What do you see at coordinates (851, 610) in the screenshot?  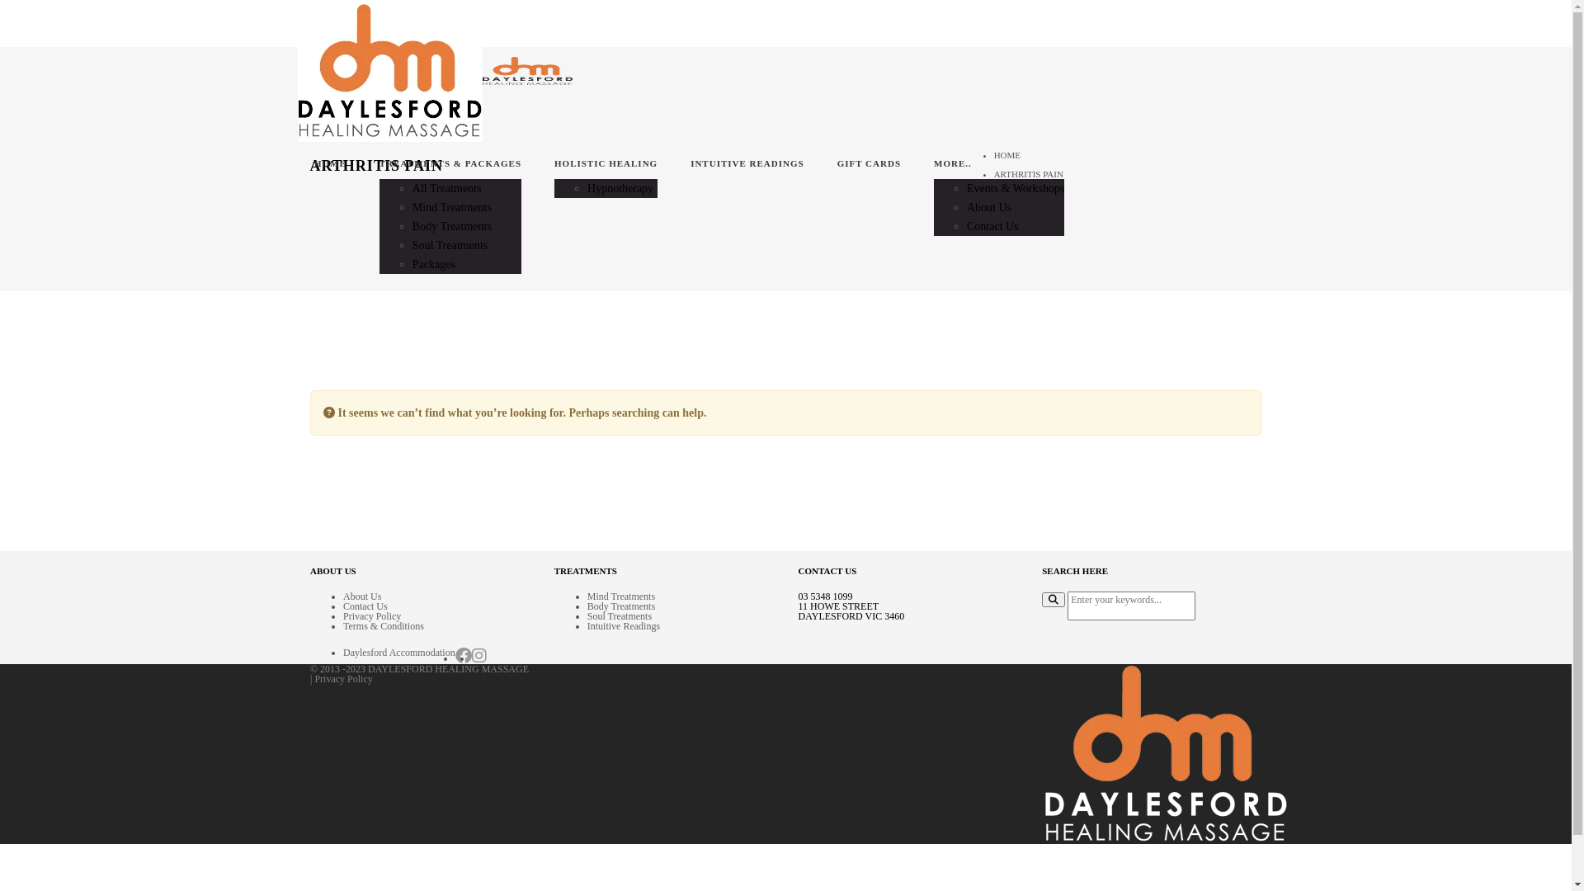 I see `'11 HOWE STREET` at bounding box center [851, 610].